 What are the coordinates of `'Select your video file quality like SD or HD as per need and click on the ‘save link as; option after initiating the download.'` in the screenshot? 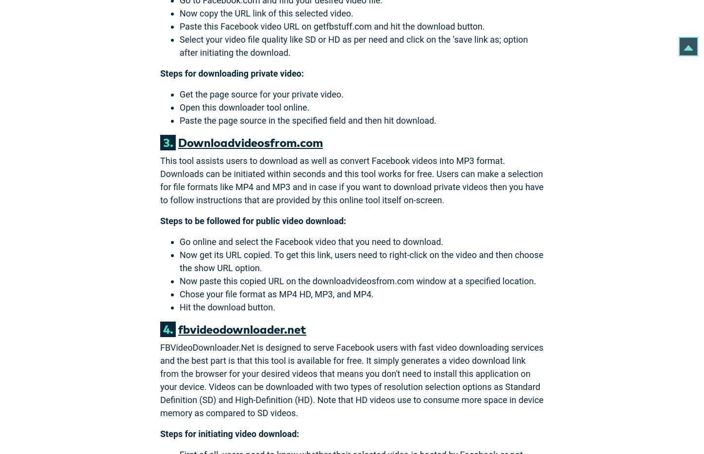 It's located at (353, 45).